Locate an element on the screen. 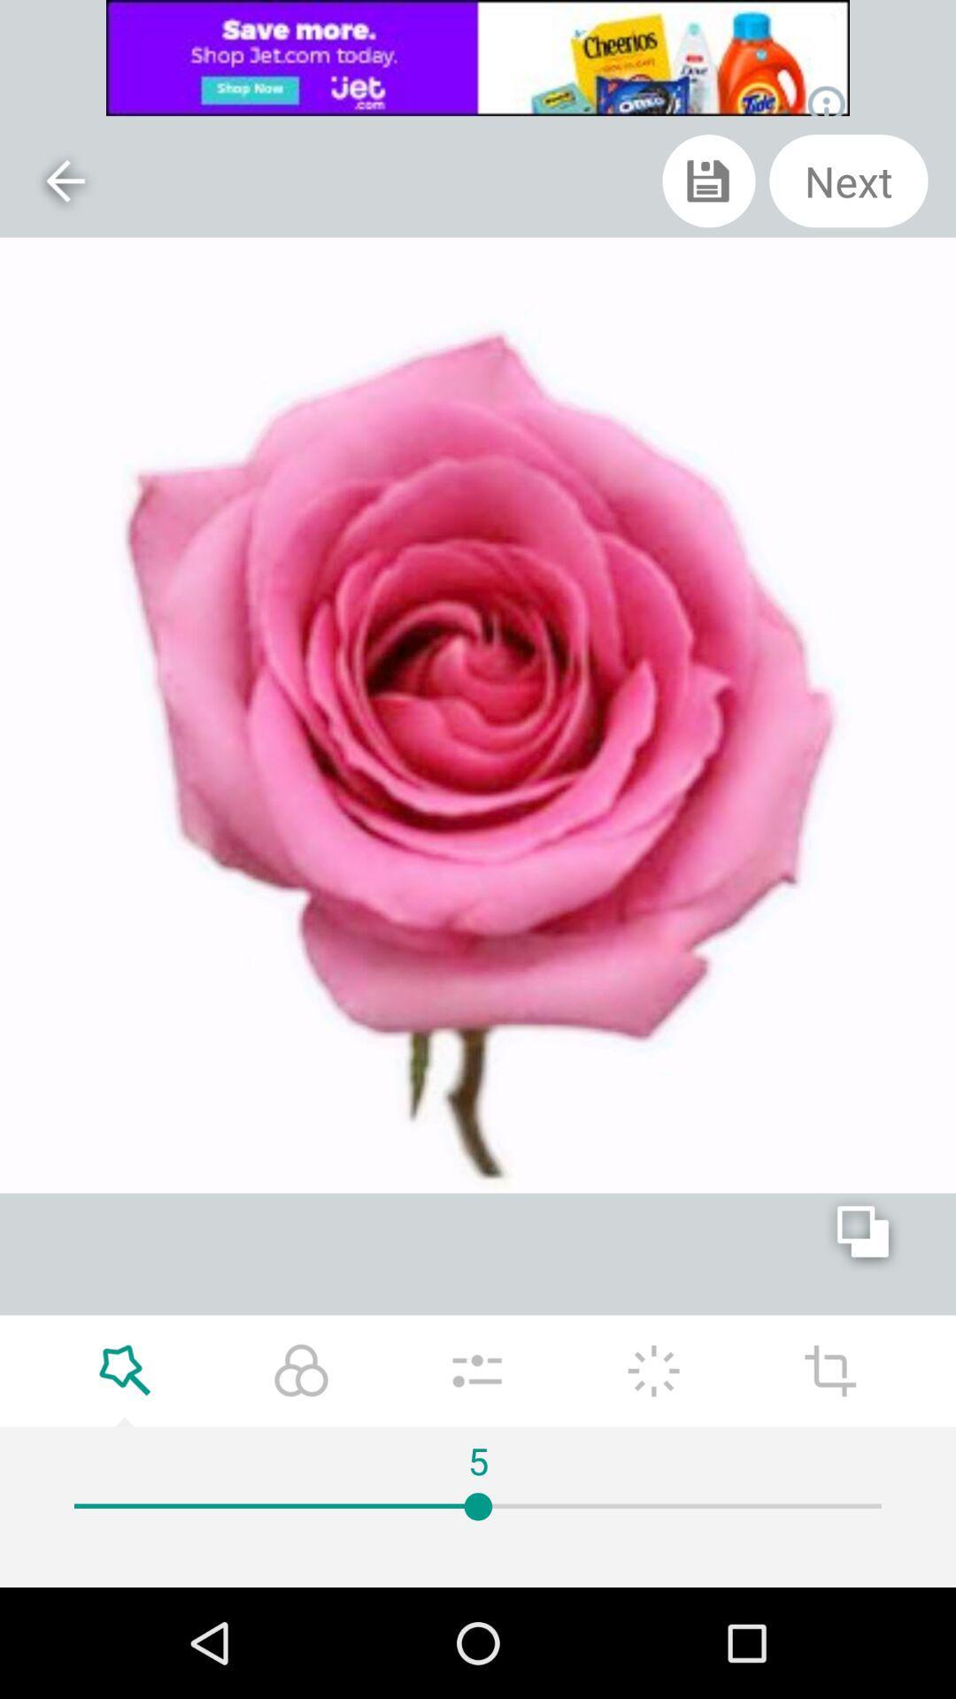  open an advertisements is located at coordinates (478, 58).